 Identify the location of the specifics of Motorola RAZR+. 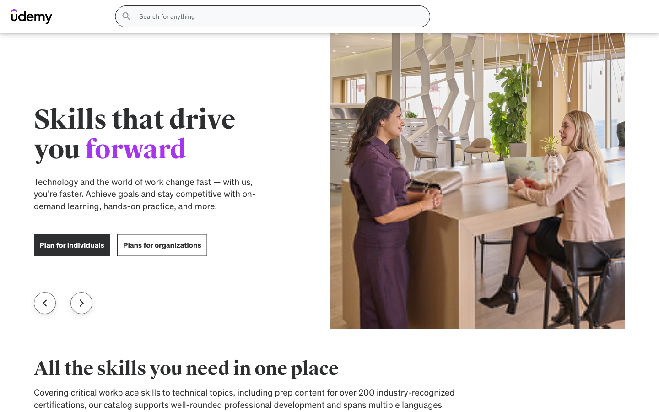
(521, 382).